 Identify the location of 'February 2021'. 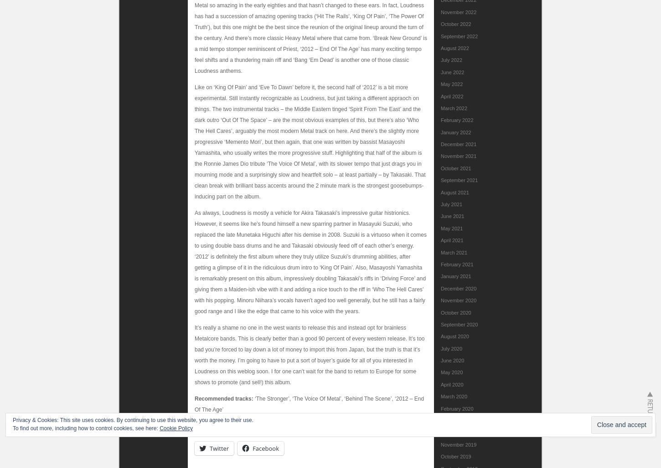
(457, 263).